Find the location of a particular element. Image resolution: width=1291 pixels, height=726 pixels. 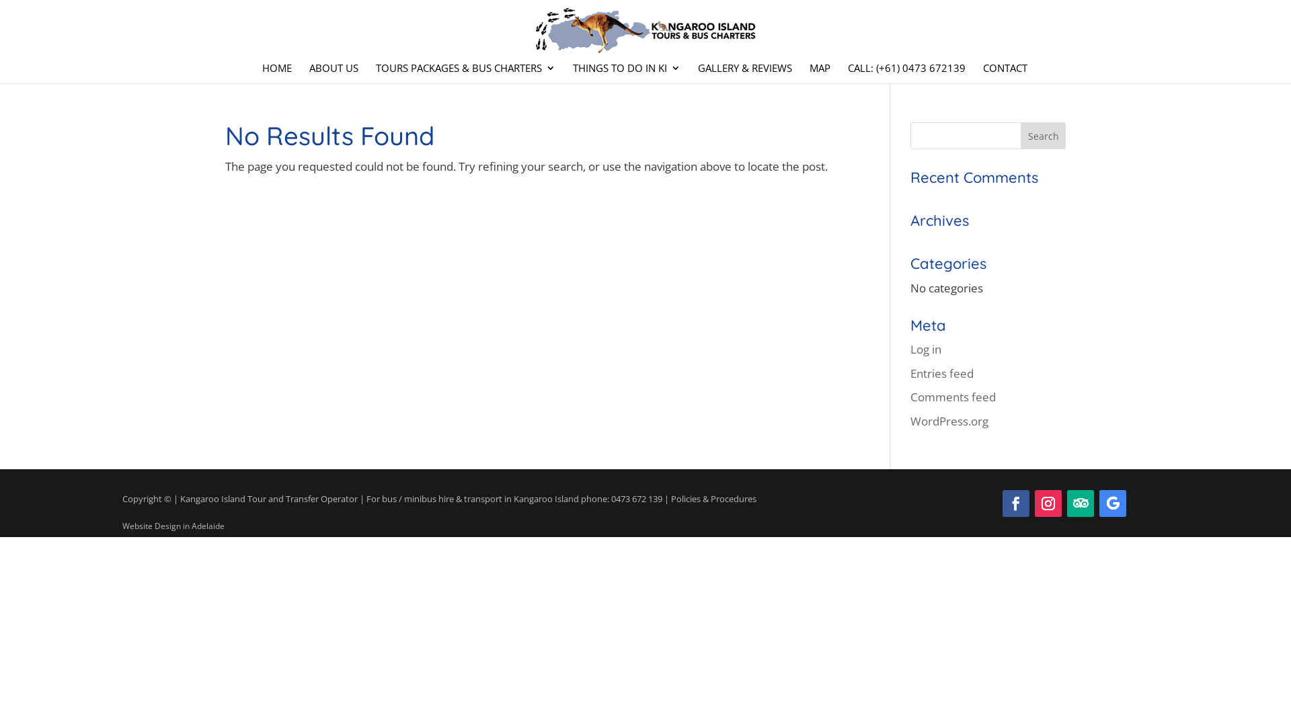

'Follow on Facebook' is located at coordinates (1016, 503).